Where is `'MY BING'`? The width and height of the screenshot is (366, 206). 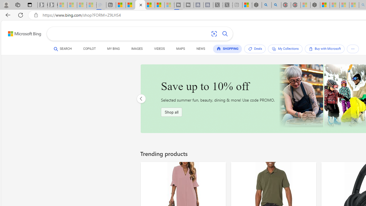
'MY BING' is located at coordinates (113, 49).